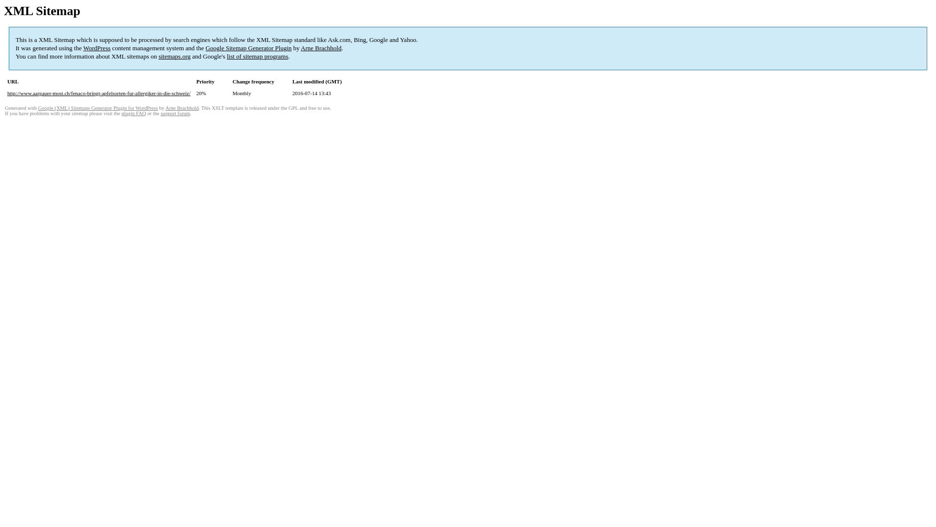  I want to click on 'support forum', so click(175, 113).